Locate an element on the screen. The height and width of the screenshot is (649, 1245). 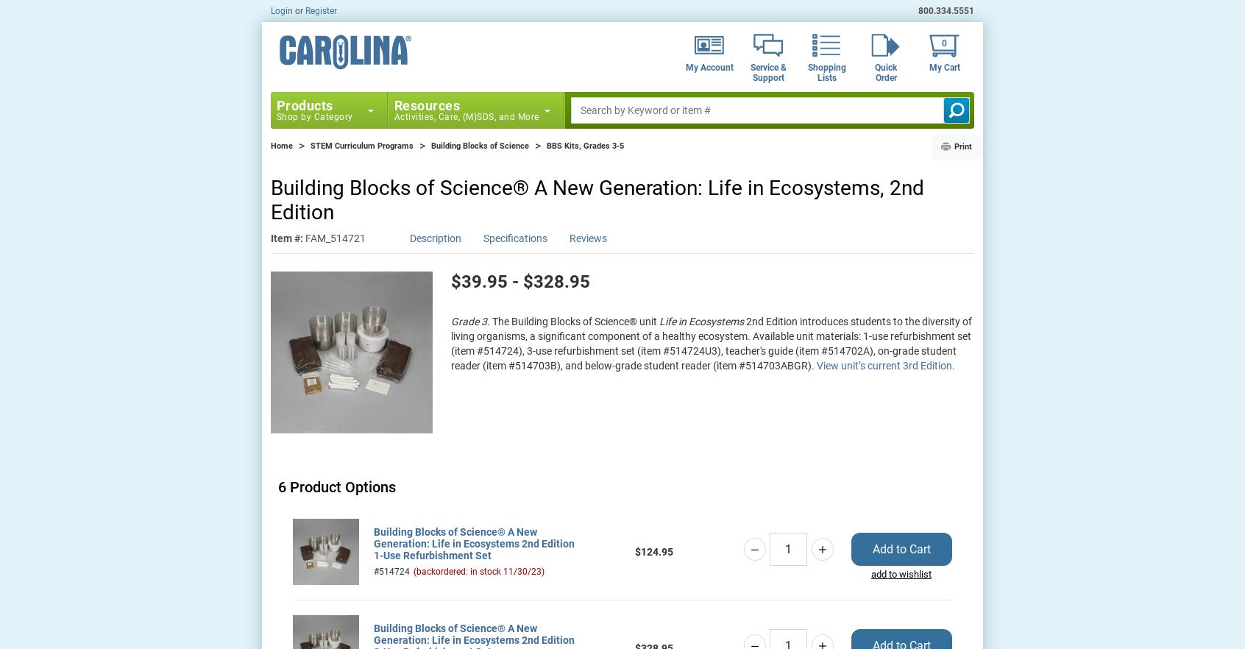
'Resources' is located at coordinates (426, 105).